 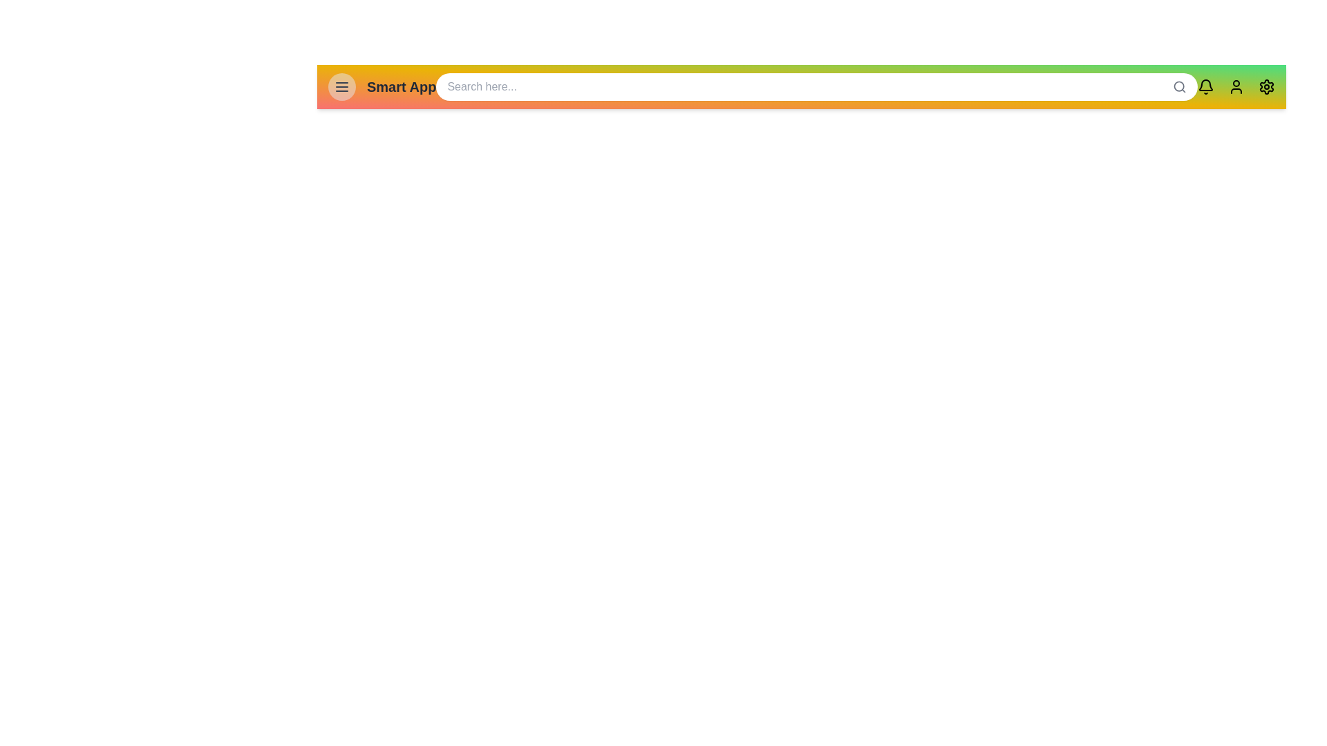 I want to click on the settings icon to open the application settings, so click(x=1267, y=87).